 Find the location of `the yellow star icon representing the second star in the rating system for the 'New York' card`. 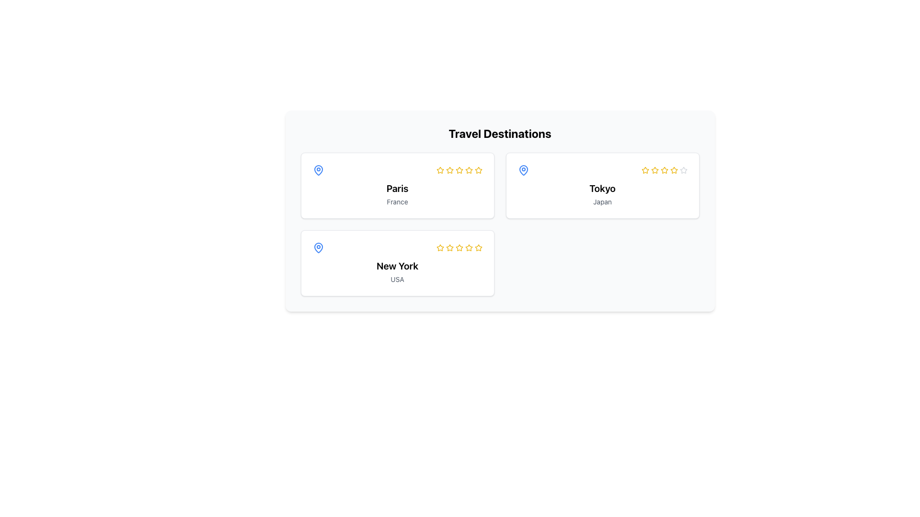

the yellow star icon representing the second star in the rating system for the 'New York' card is located at coordinates (449, 247).